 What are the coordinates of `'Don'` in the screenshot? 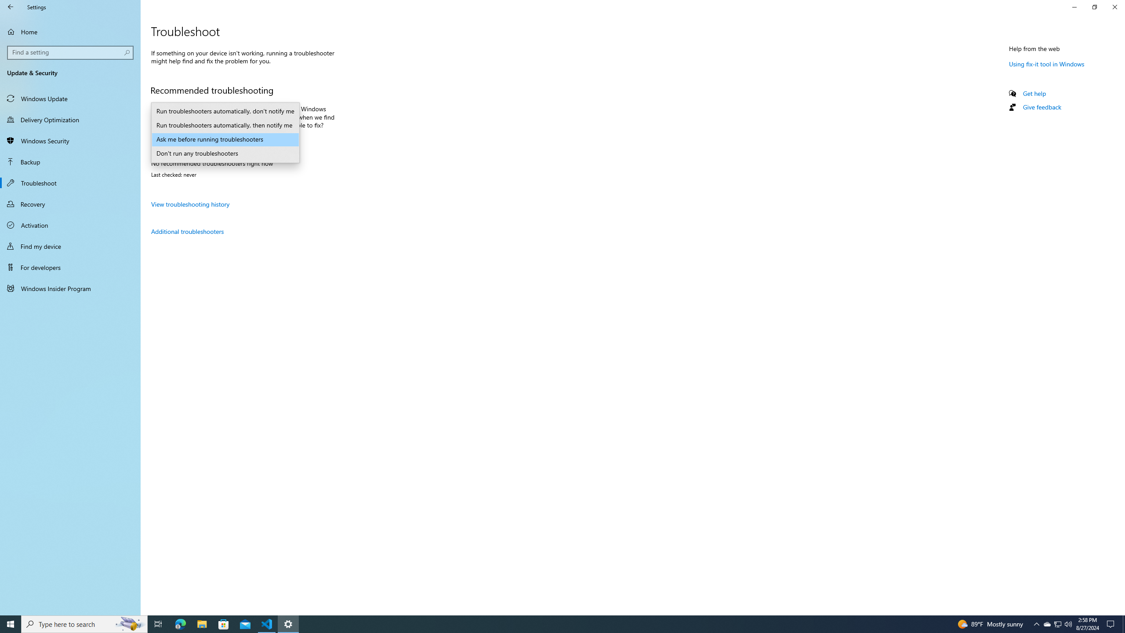 It's located at (225, 153).